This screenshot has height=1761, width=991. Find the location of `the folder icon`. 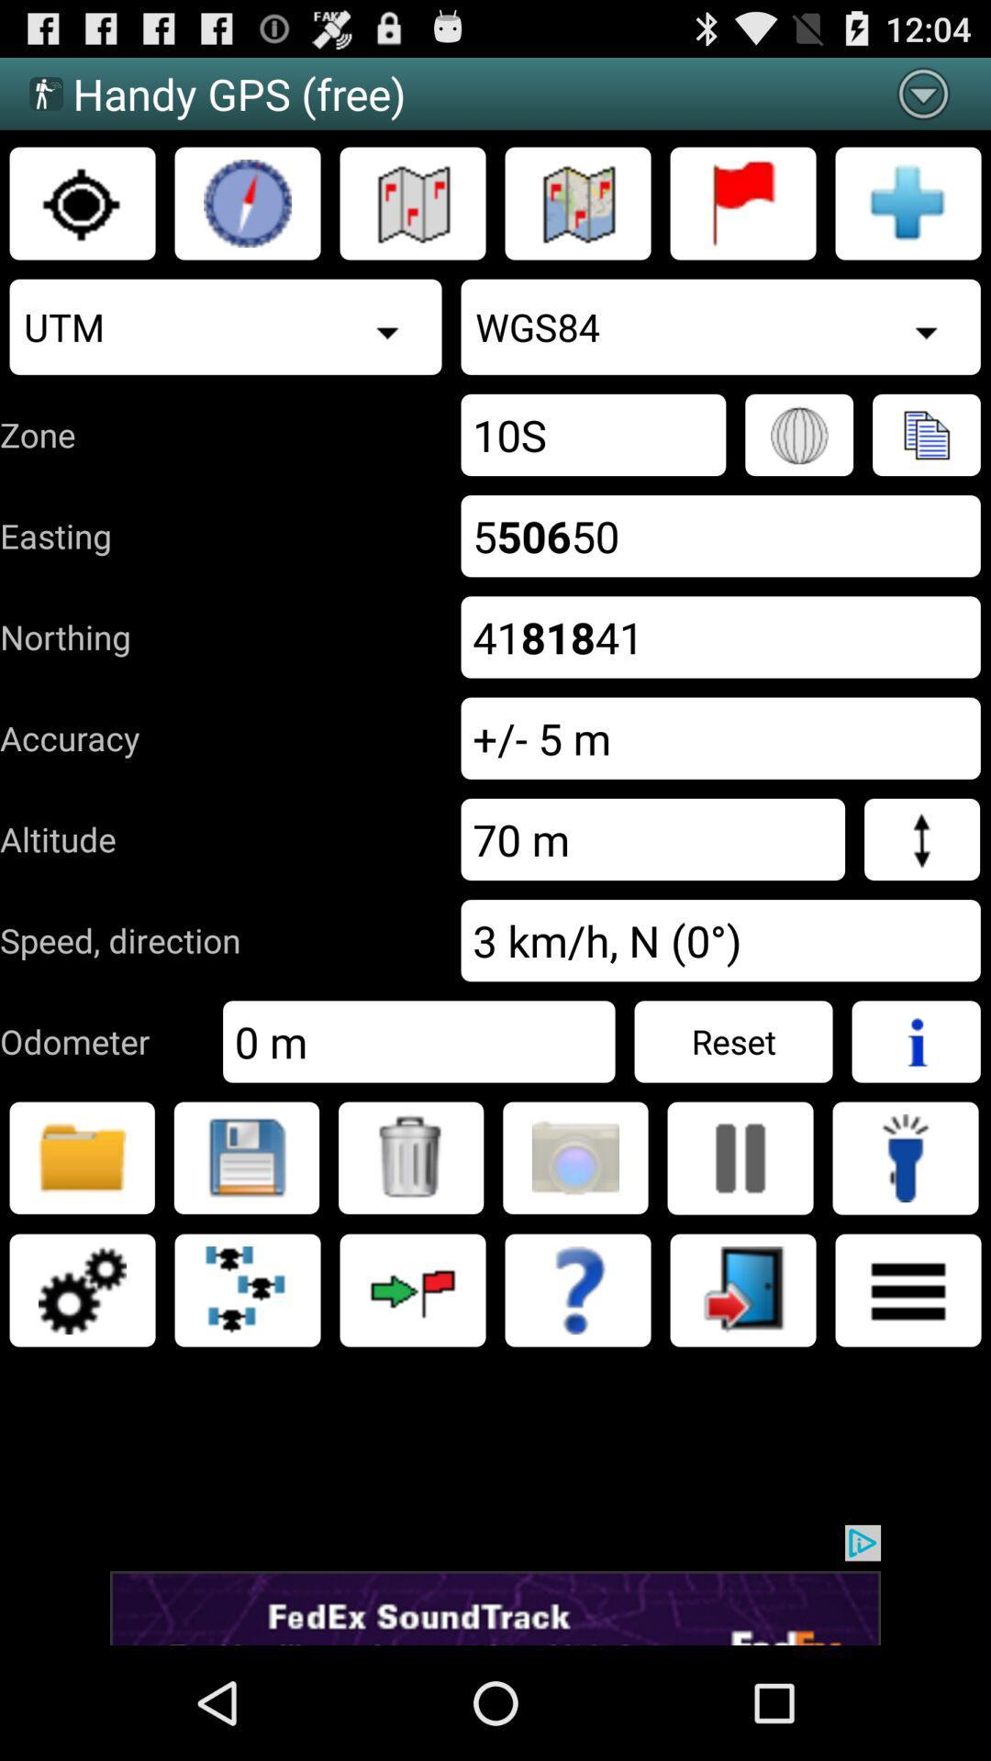

the folder icon is located at coordinates (81, 1239).